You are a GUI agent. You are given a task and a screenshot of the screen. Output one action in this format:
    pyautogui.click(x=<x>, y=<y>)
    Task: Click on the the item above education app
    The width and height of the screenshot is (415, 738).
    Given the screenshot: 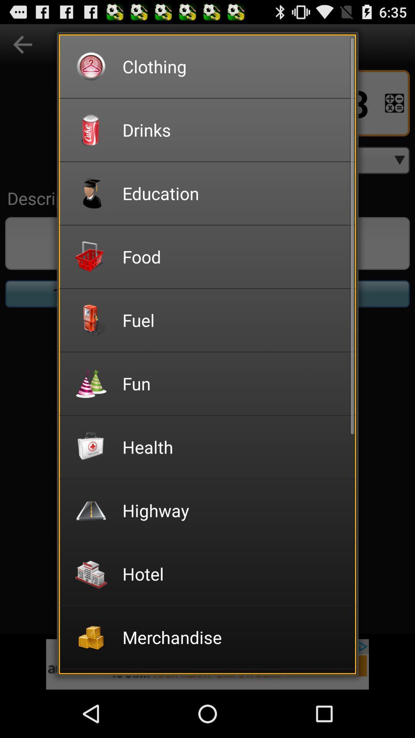 What is the action you would take?
    pyautogui.click(x=233, y=130)
    